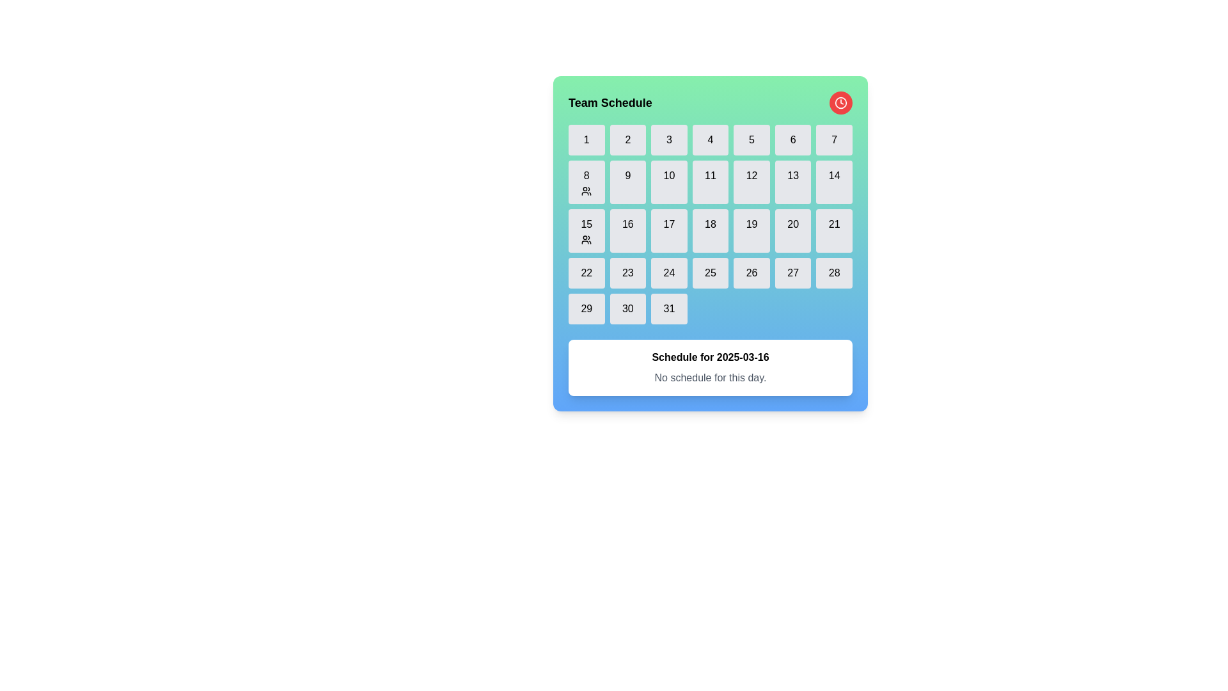 The image size is (1228, 691). Describe the element at coordinates (627, 140) in the screenshot. I see `the rounded light gray button labeled '2'` at that location.